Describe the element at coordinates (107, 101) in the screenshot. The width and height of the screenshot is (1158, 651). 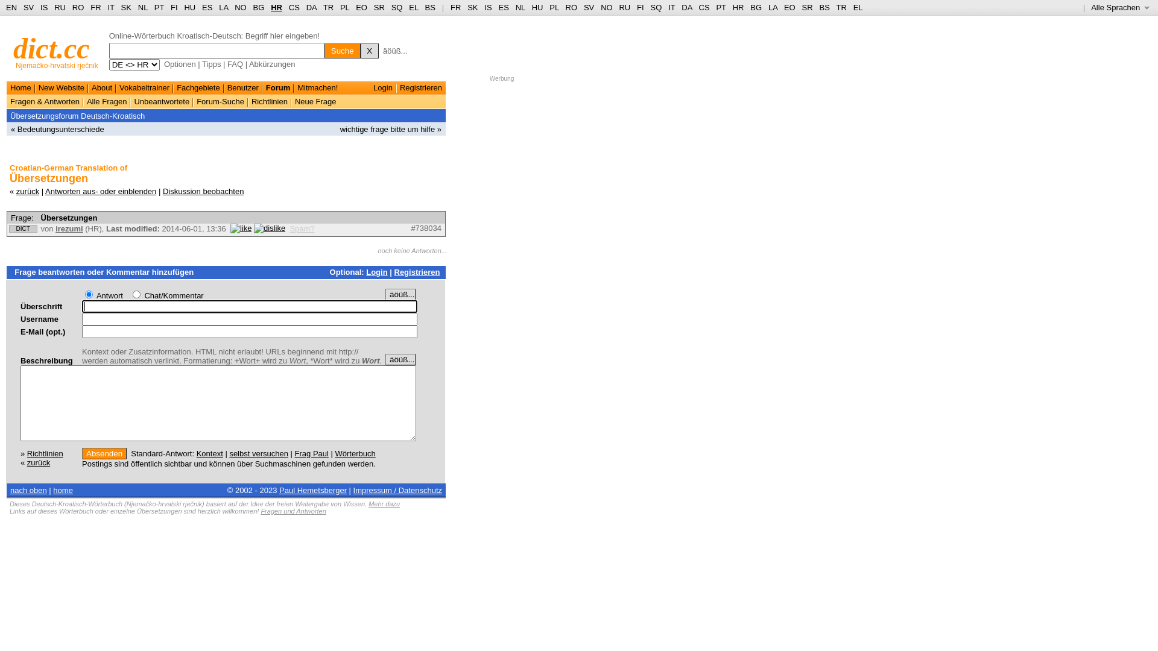
I see `'Alle Fragen'` at that location.